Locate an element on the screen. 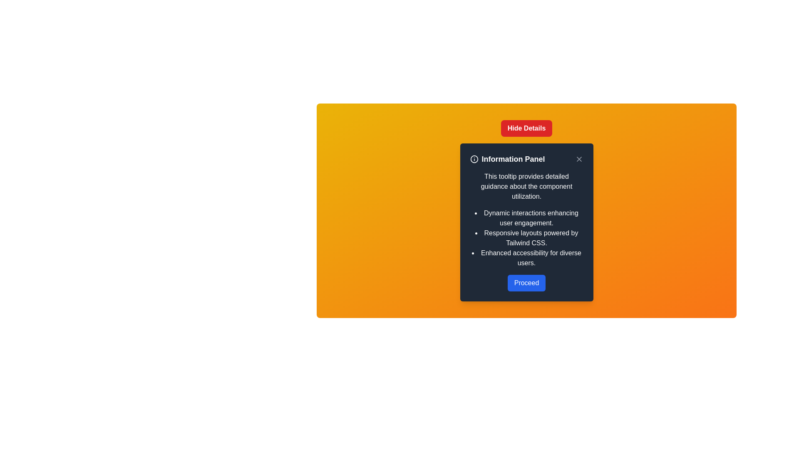  the bulleted list element located in the middle section of the tooltip popup panel is located at coordinates (526, 238).